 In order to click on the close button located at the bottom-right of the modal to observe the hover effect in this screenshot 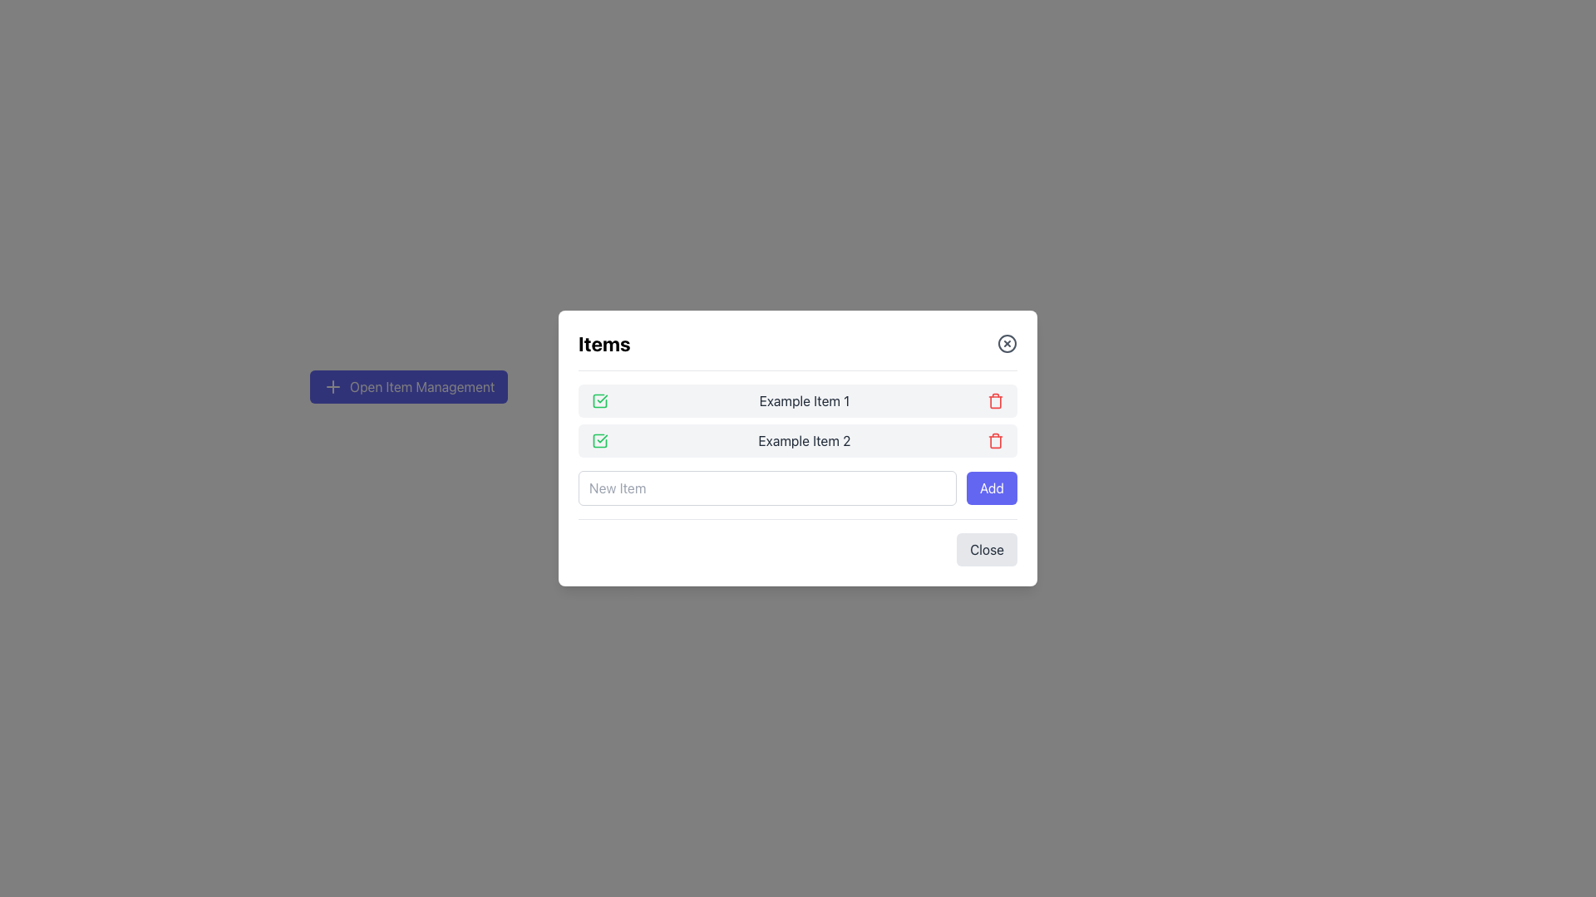, I will do `click(987, 550)`.